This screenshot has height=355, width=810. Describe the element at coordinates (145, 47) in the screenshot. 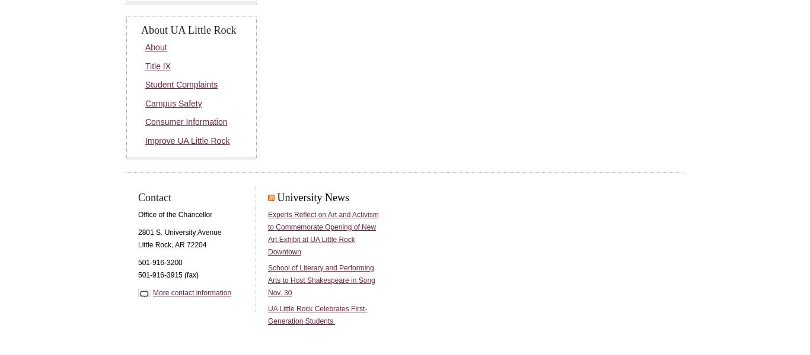

I see `'About'` at that location.